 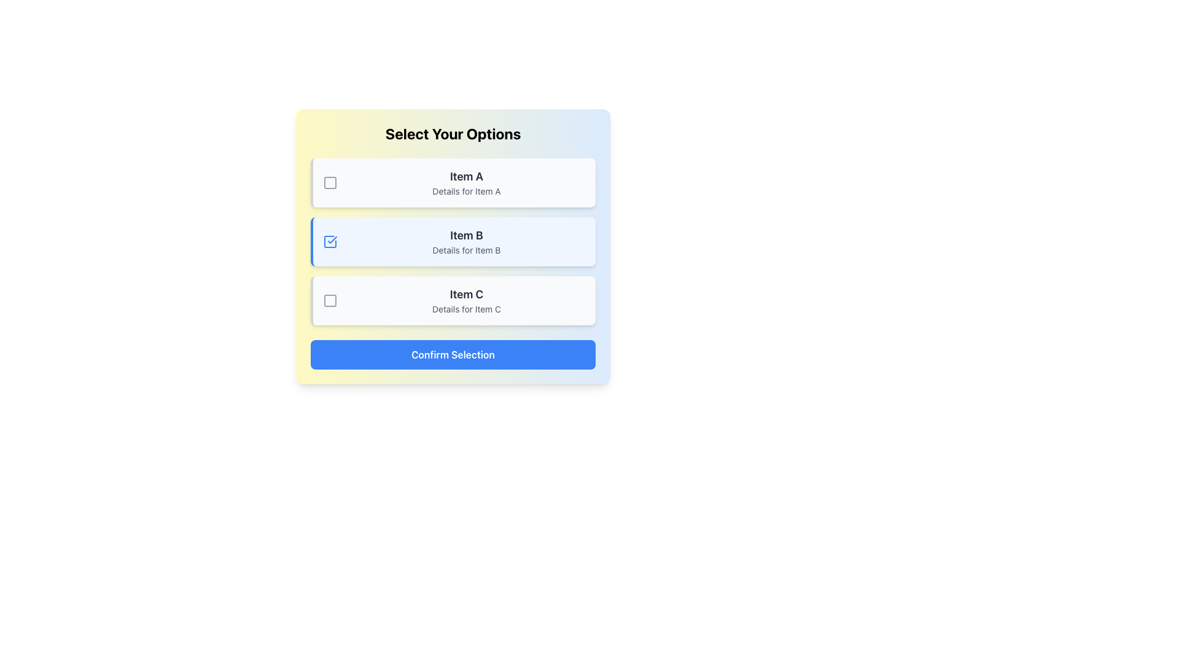 I want to click on the checkbox labeled 'Item A', so click(x=330, y=182).